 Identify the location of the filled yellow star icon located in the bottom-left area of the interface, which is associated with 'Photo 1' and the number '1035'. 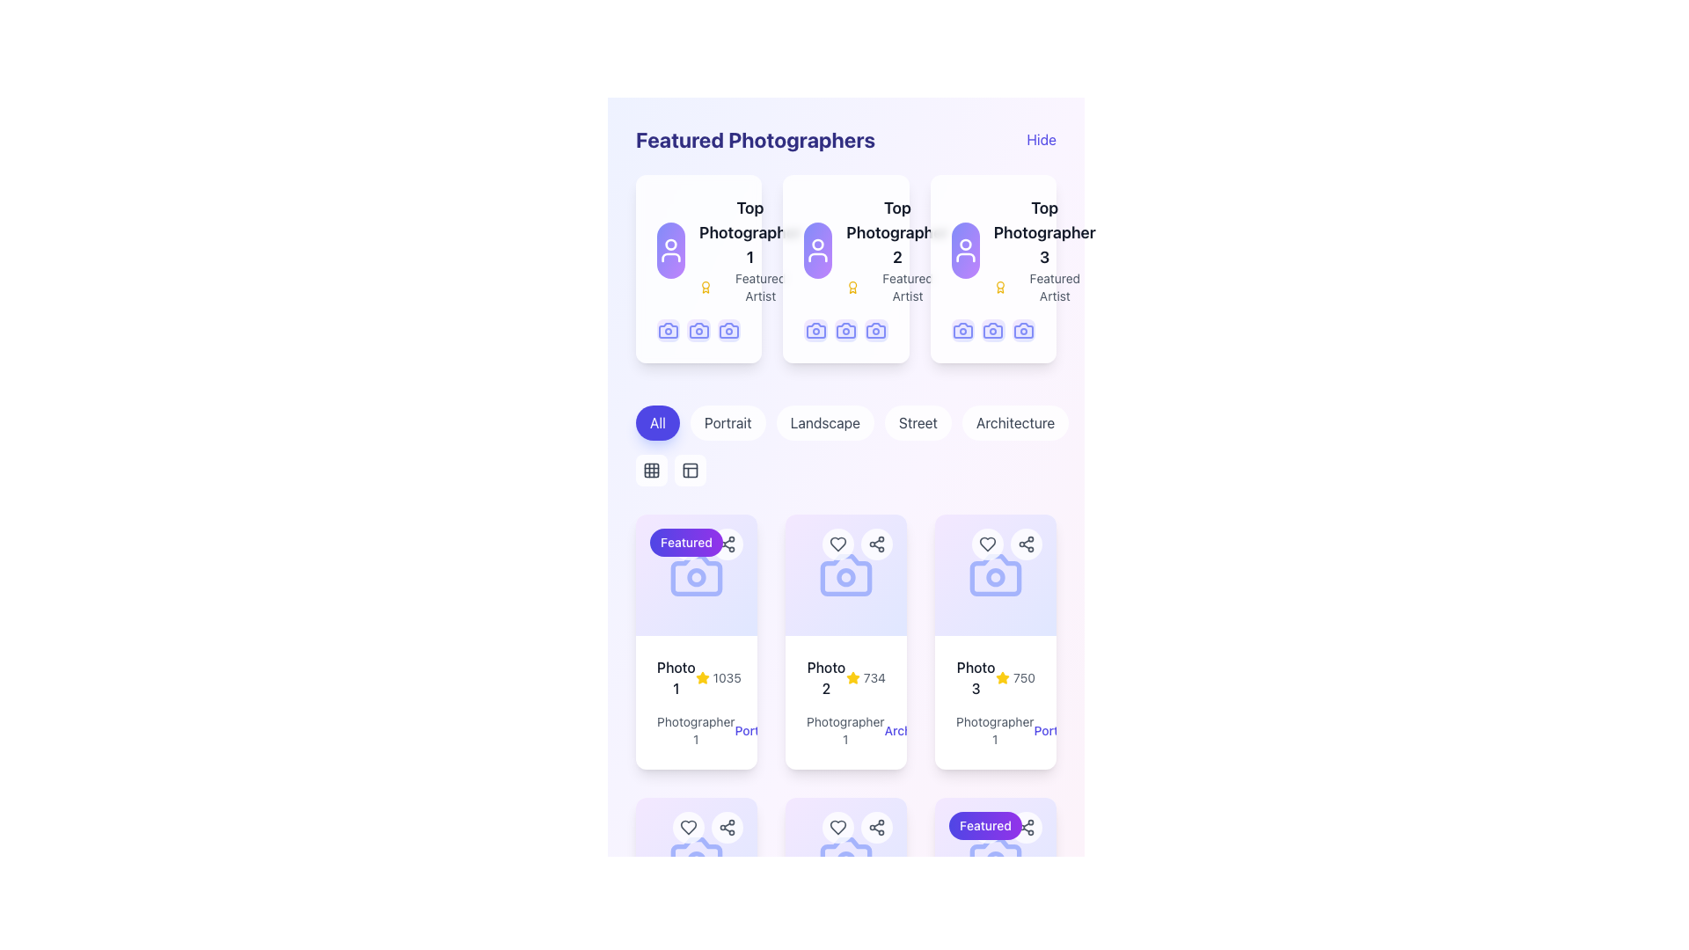
(701, 677).